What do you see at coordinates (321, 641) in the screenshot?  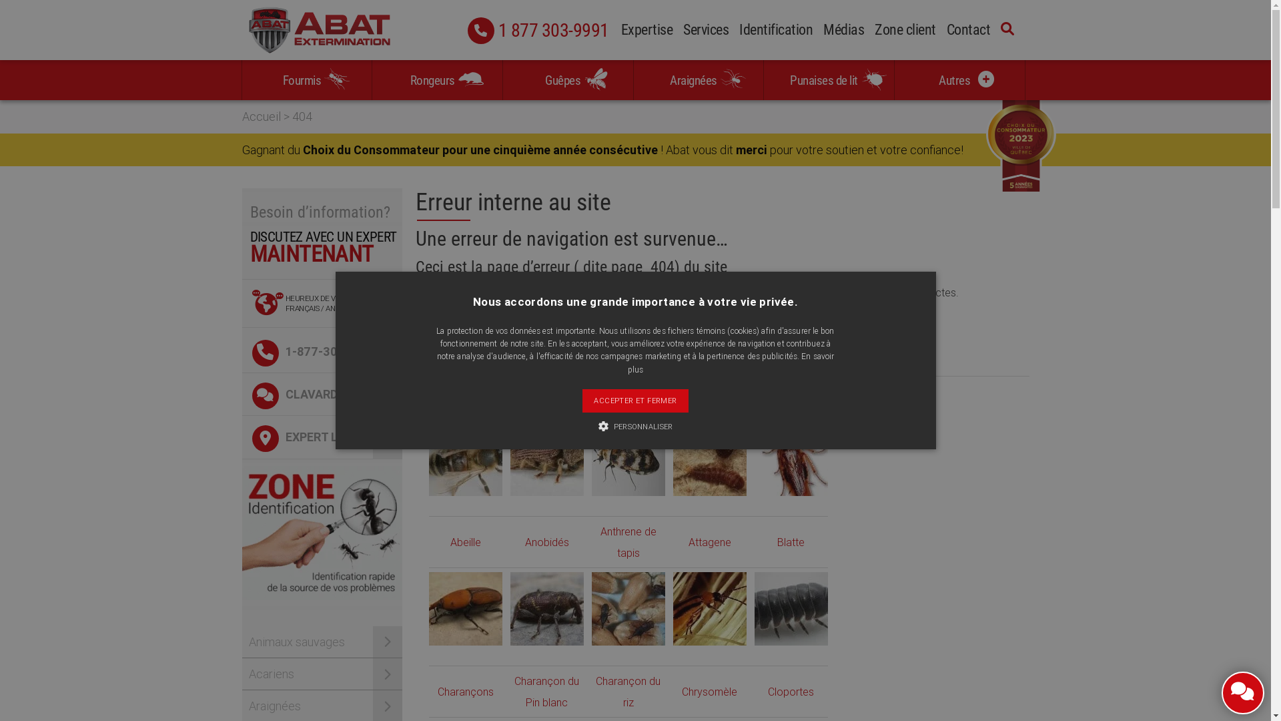 I see `'Animaux sauvages'` at bounding box center [321, 641].